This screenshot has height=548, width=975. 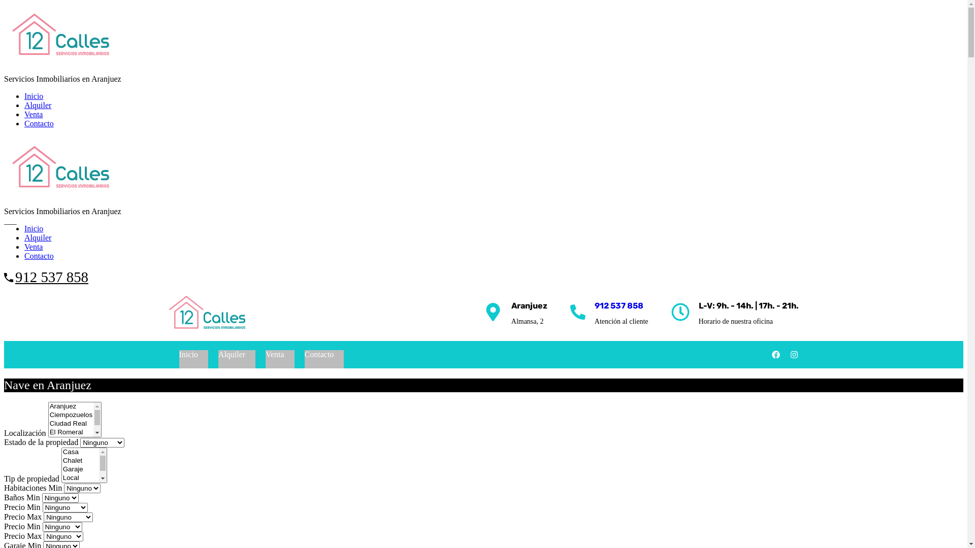 What do you see at coordinates (34, 247) in the screenshot?
I see `'Venta'` at bounding box center [34, 247].